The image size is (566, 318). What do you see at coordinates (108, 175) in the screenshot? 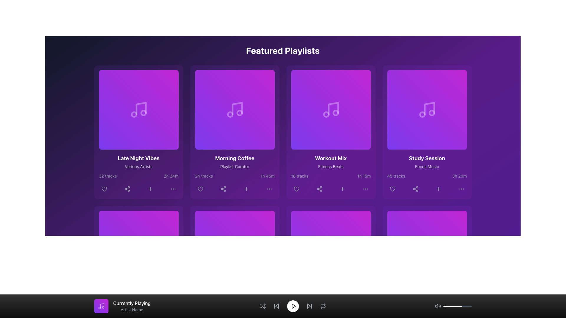
I see `the text label indicating the number of tracks in the playlist 'Late Night Vibes', located below the title and artist information, and to the left of the duration label ('2h 34m')` at bounding box center [108, 175].